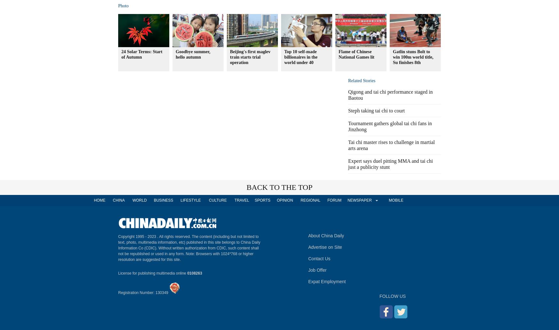  Describe the element at coordinates (413, 57) in the screenshot. I see `'Gatlin stuns Bolt to win 100m world title, Su finishes 8th'` at that location.